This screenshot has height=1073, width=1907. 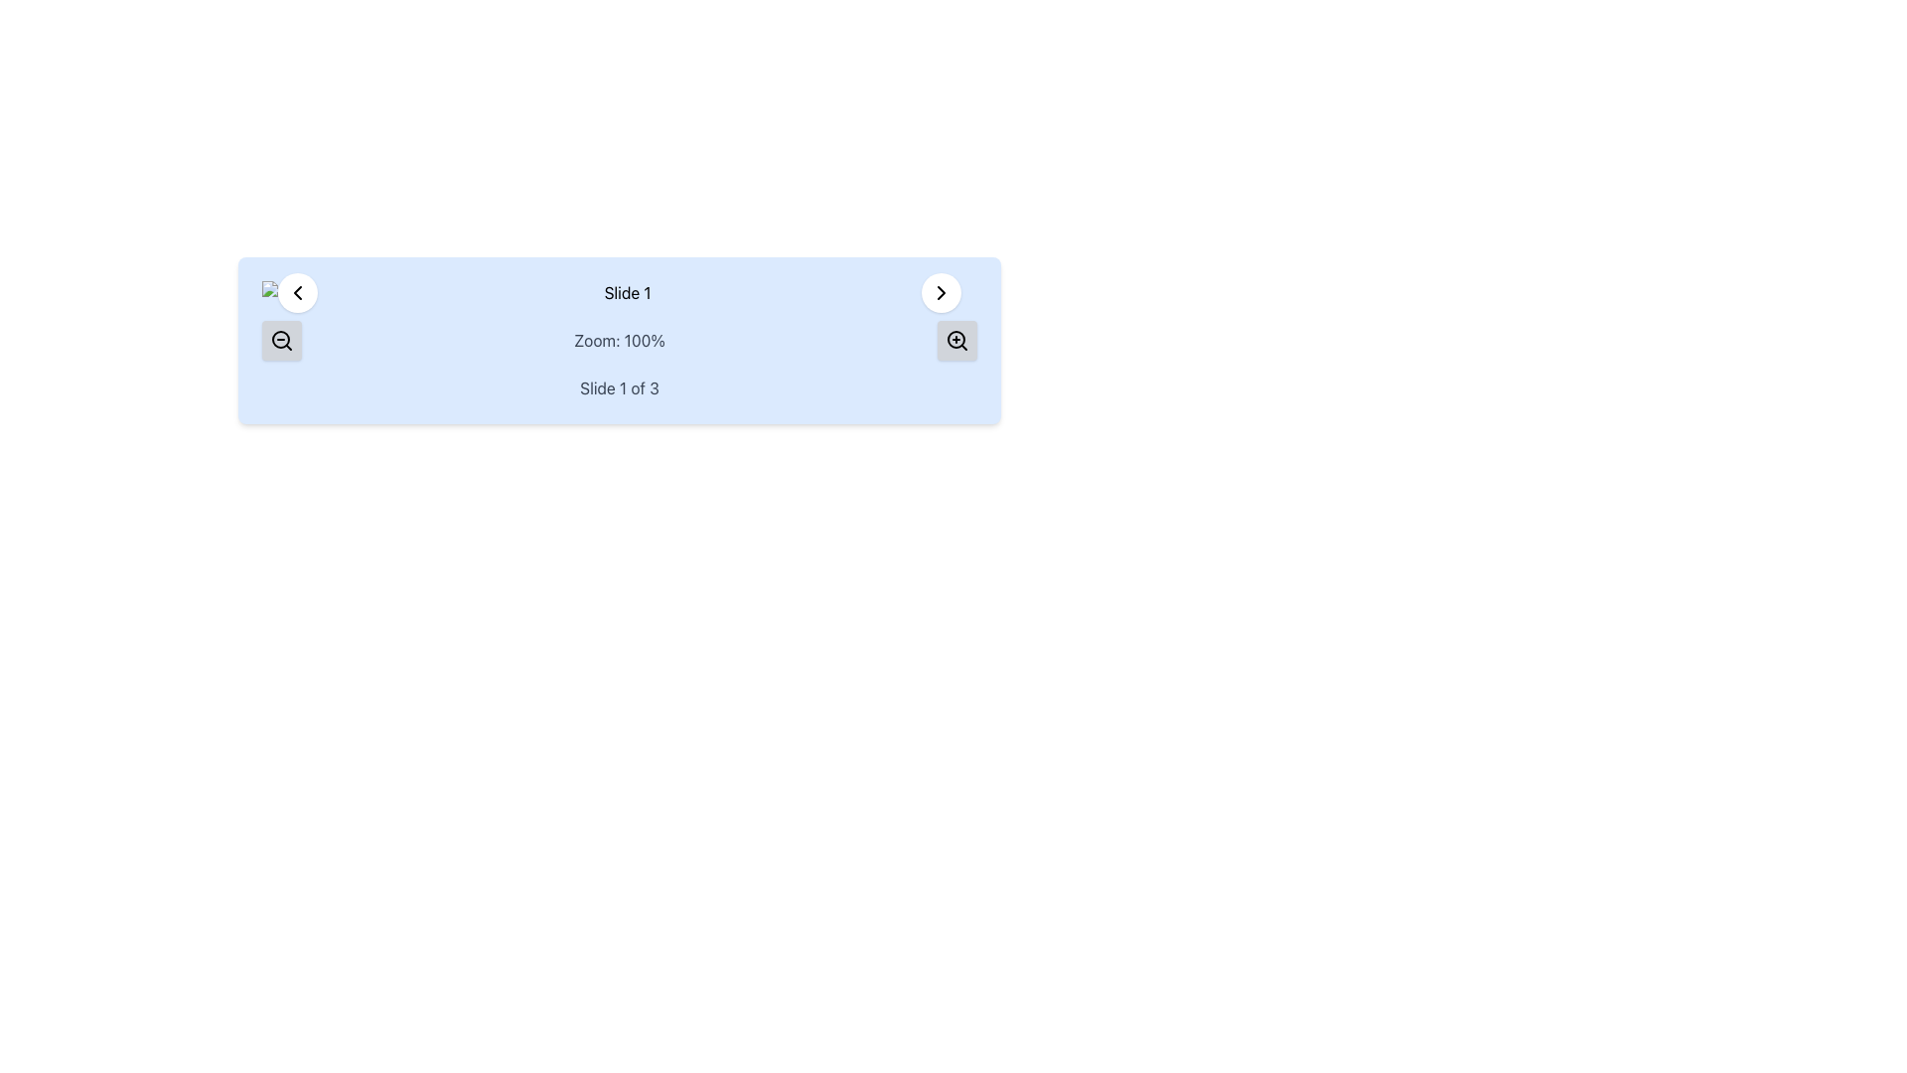 What do you see at coordinates (941, 292) in the screenshot?
I see `the small right-pointing chevron icon located inside the circular button on the far right side of the blue panel, adjacent to the zoom control` at bounding box center [941, 292].